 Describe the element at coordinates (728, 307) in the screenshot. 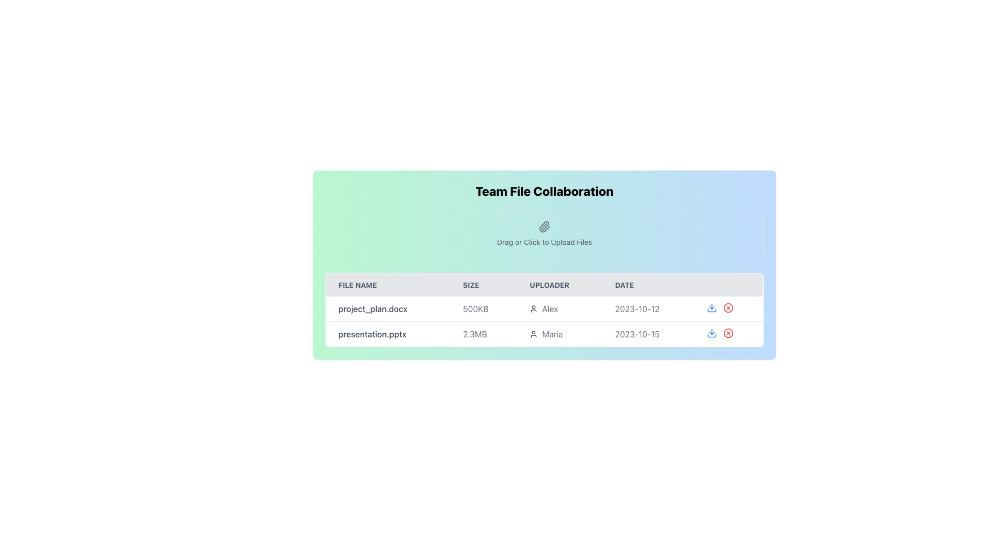

I see `the delete button for the 'project_plan.docx' file entry in the table, located adjacent to the '2023-10-12' date entry` at that location.